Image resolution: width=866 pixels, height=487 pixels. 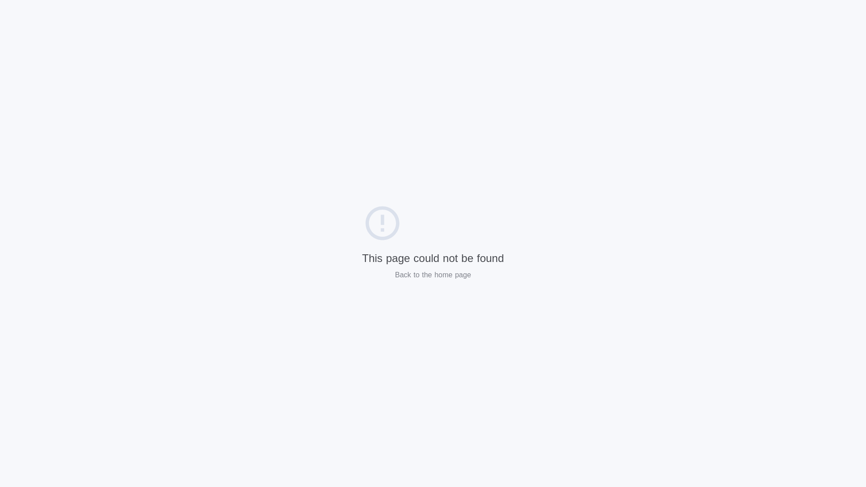 I want to click on 'Back to the home page', so click(x=433, y=274).